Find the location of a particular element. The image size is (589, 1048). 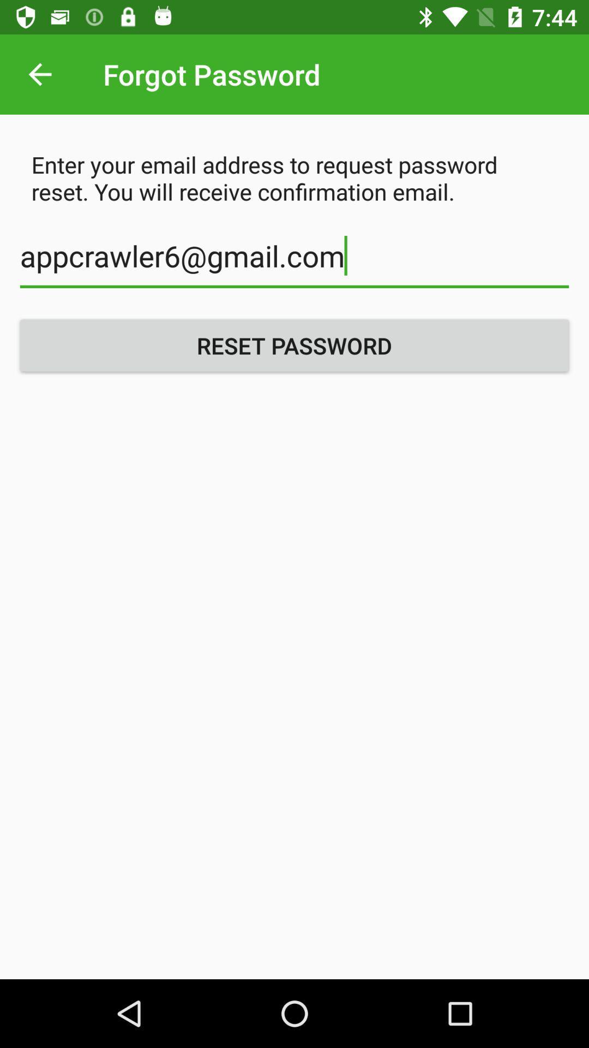

the item above the enter your email item is located at coordinates (39, 74).